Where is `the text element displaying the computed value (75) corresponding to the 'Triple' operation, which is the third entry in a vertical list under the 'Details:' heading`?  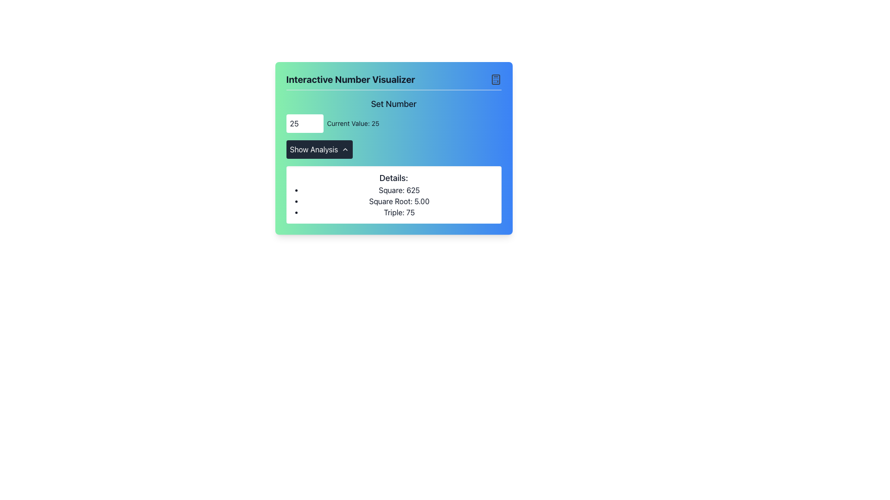 the text element displaying the computed value (75) corresponding to the 'Triple' operation, which is the third entry in a vertical list under the 'Details:' heading is located at coordinates (399, 212).